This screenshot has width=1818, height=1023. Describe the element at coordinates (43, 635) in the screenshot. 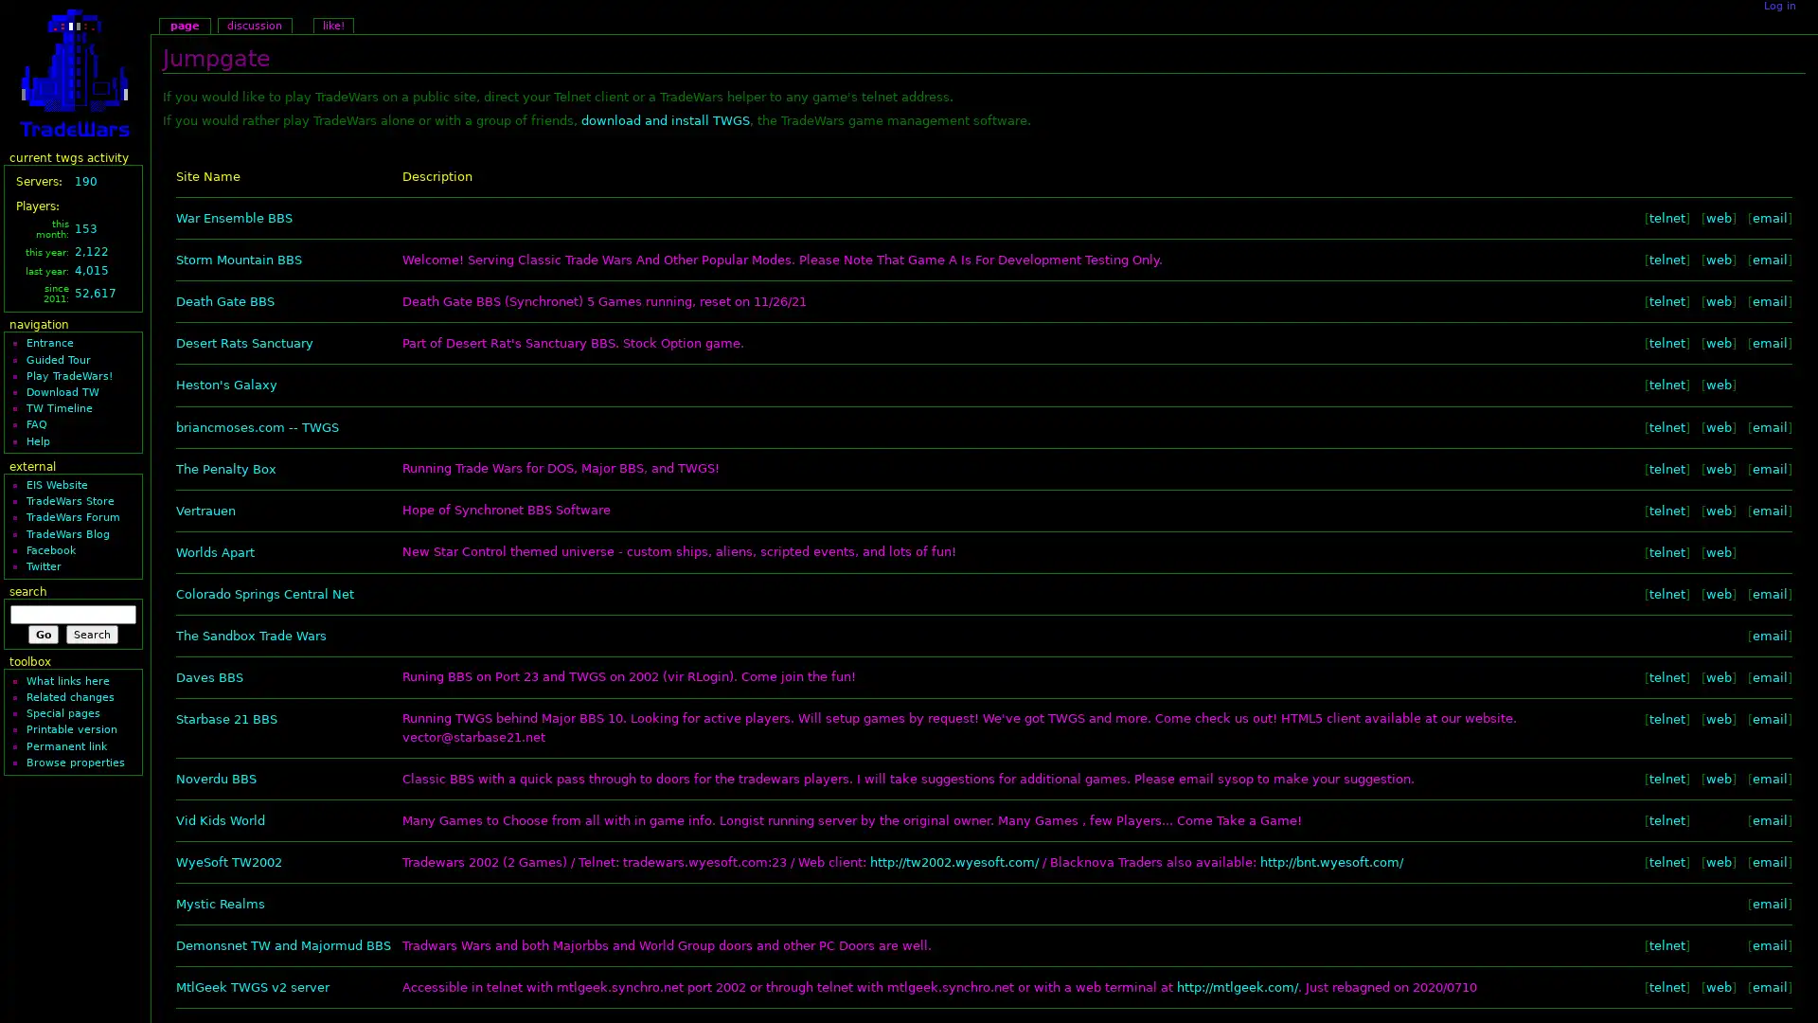

I see `Go` at that location.